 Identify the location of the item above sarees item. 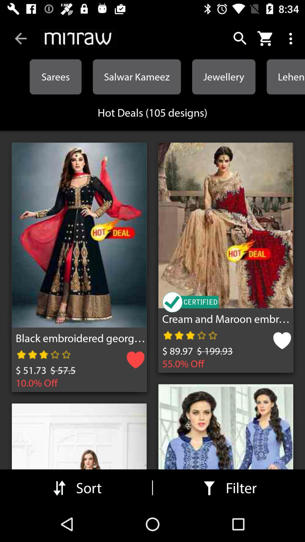
(79, 38).